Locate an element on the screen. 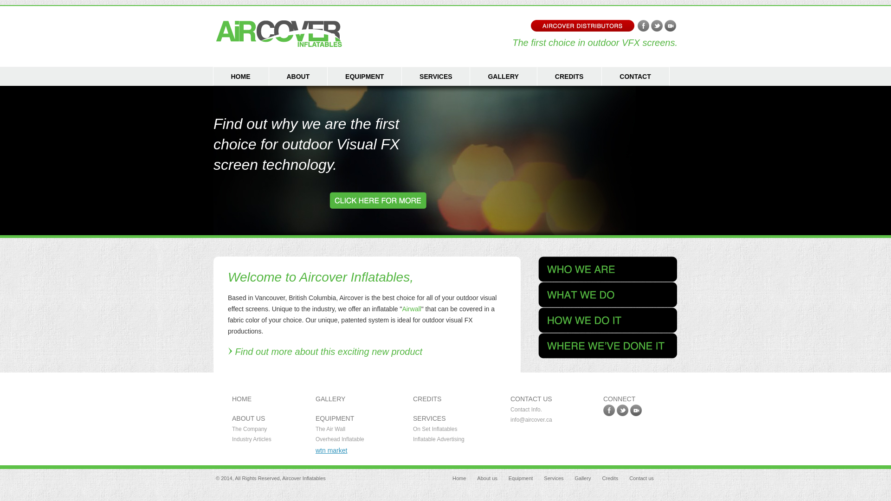 Image resolution: width=891 pixels, height=501 pixels. 'CONTACT US' is located at coordinates (531, 398).